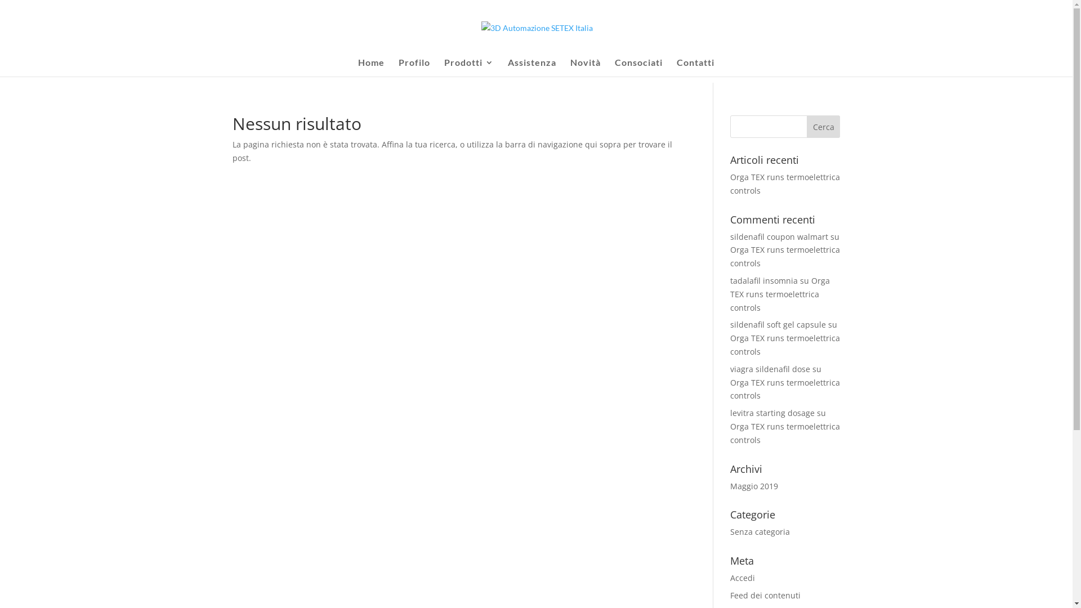 The width and height of the screenshot is (1081, 608). What do you see at coordinates (357, 67) in the screenshot?
I see `'Home'` at bounding box center [357, 67].